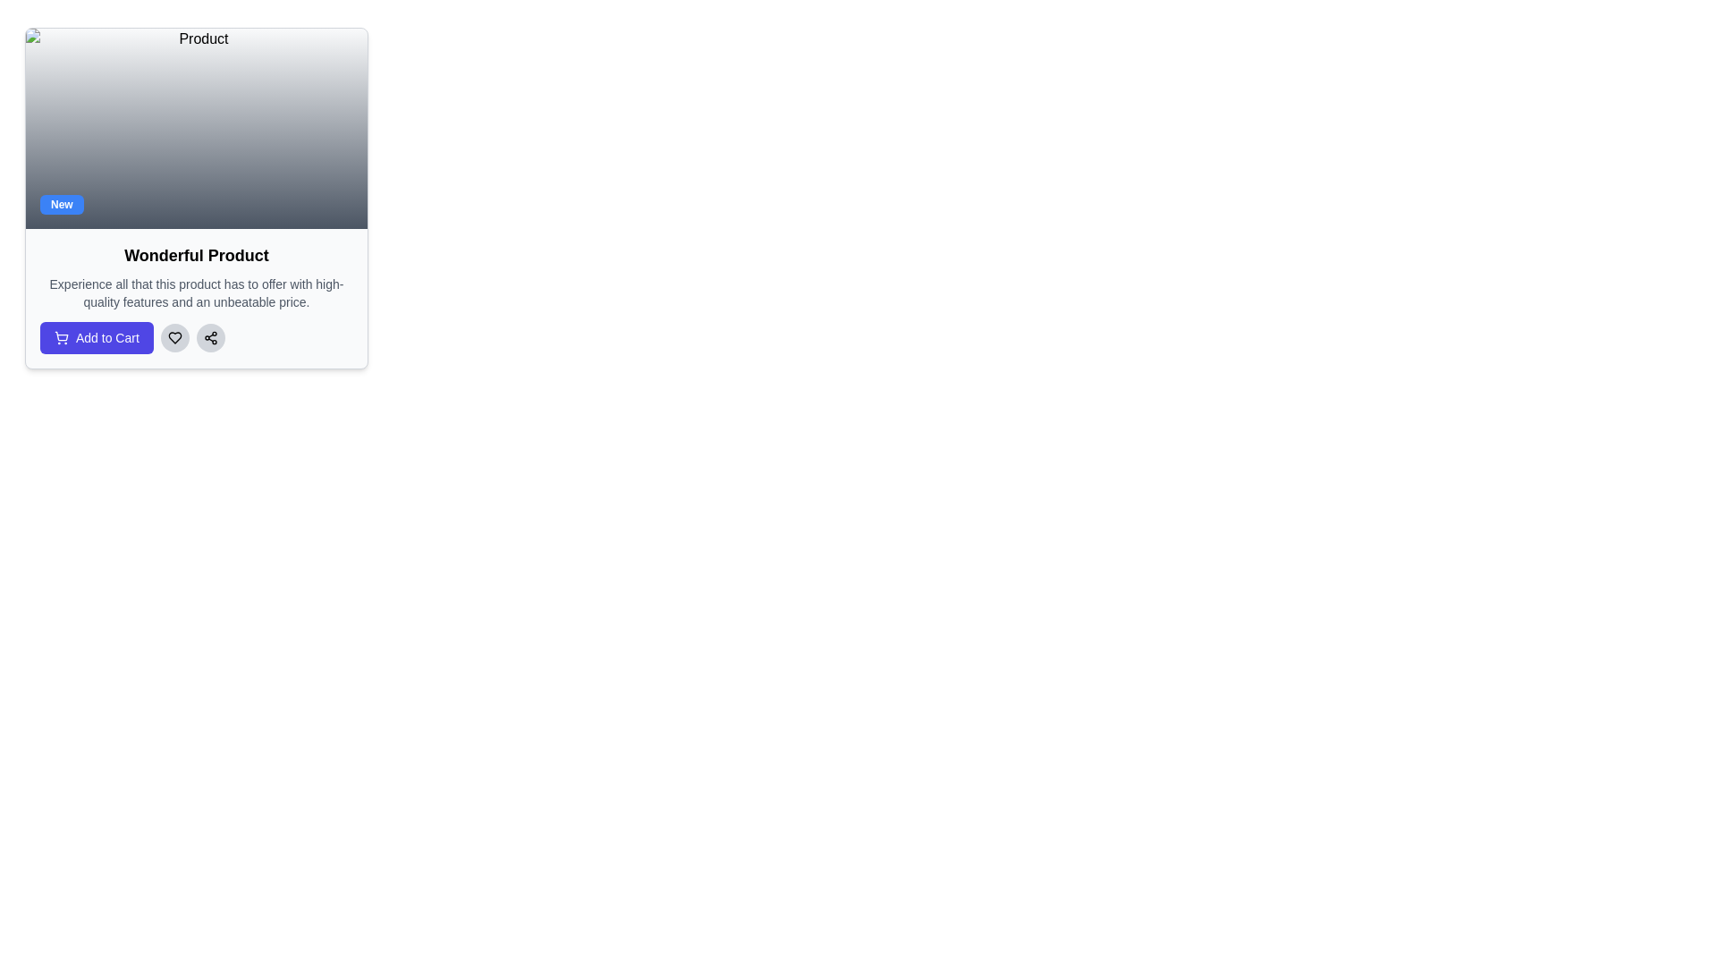 The image size is (1717, 966). Describe the element at coordinates (197, 292) in the screenshot. I see `the descriptive text paragraph about the product, which is styled in a small gray font and is positioned below the 'Wonderful Product' title and above the 'Add to Cart' button` at that location.